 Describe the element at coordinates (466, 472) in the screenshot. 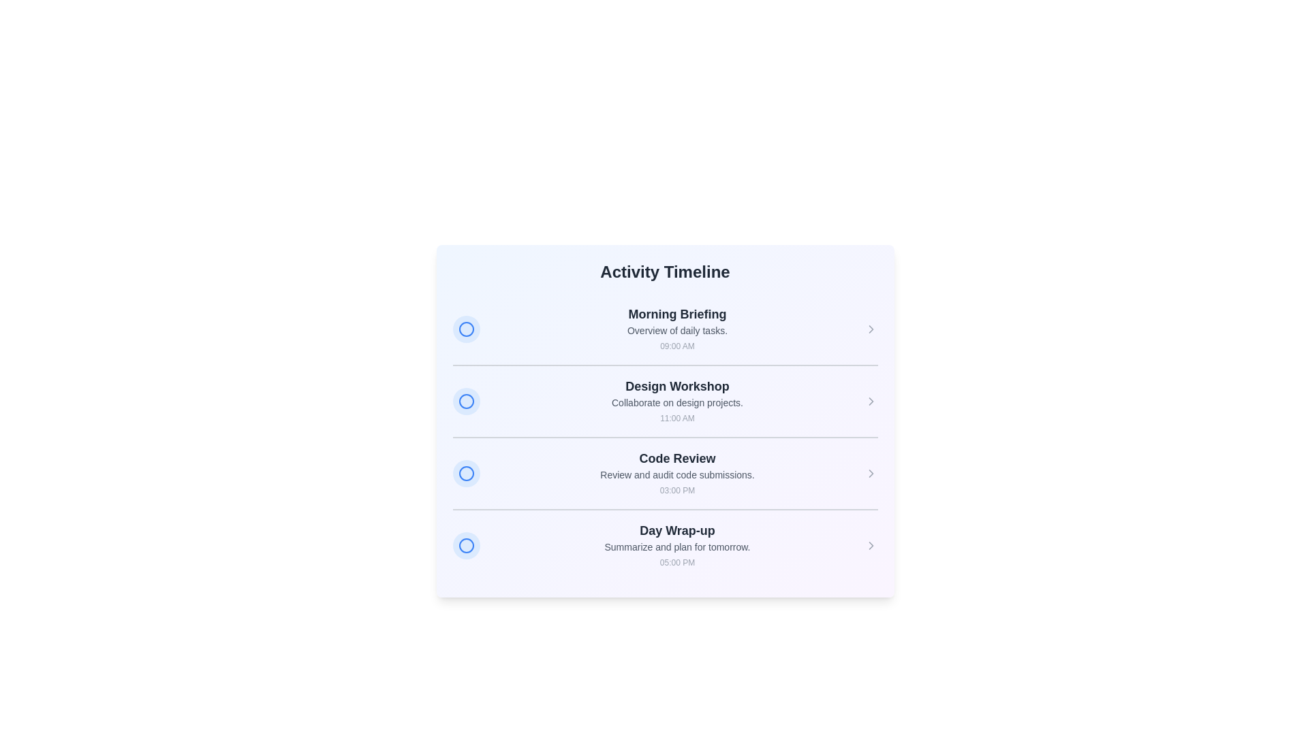

I see `the third circular icon with a blue outline and white interior in the activity timeline, located to the left of the 'Code Review' event details` at that location.